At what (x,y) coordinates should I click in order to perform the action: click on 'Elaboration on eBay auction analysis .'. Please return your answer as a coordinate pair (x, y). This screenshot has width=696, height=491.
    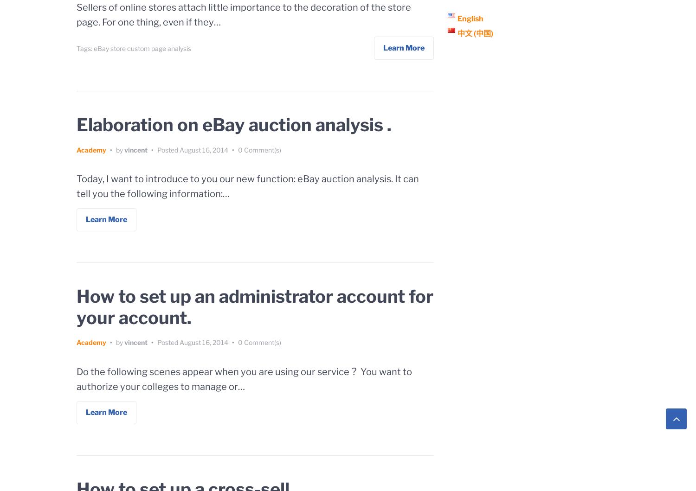
    Looking at the image, I should click on (234, 124).